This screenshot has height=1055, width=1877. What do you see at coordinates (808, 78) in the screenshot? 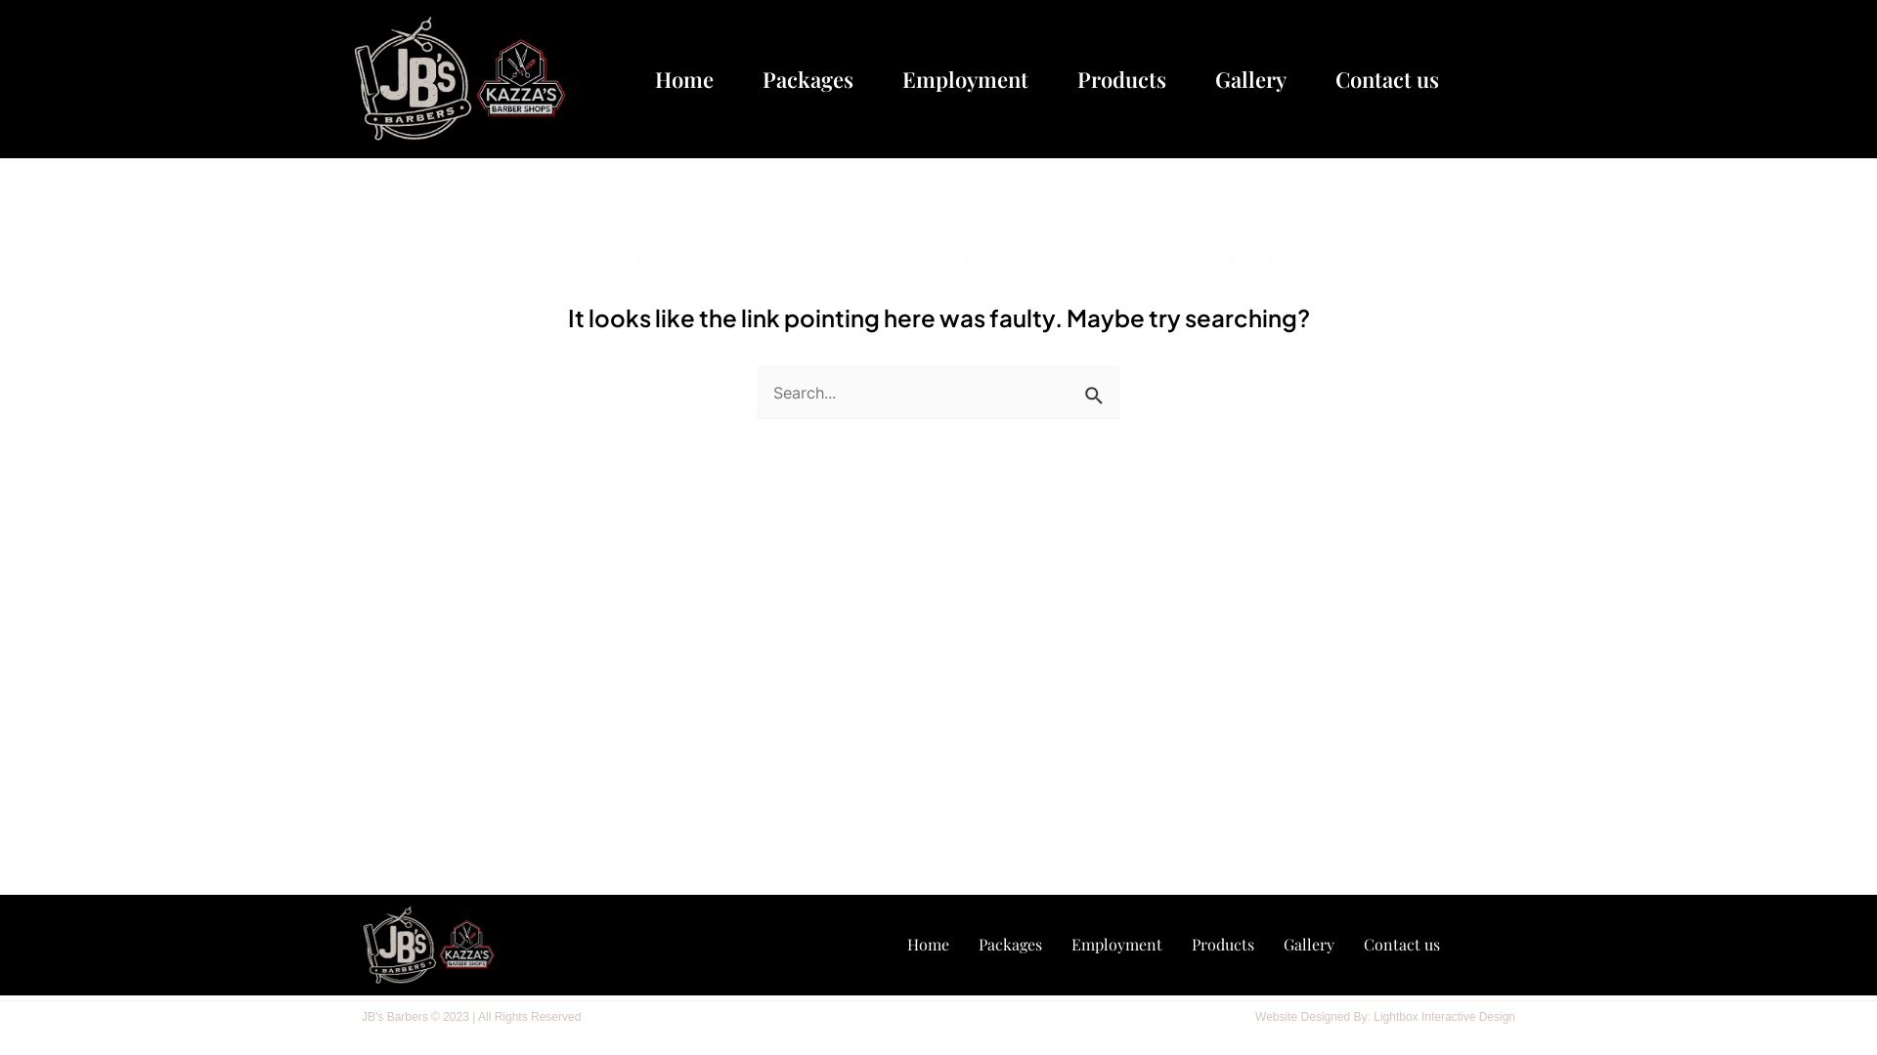
I see `'Packages'` at bounding box center [808, 78].